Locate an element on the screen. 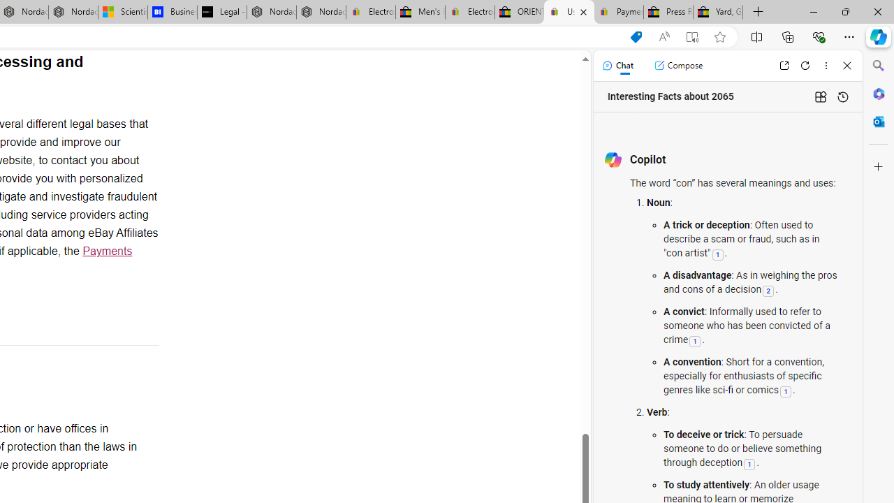 The image size is (894, 503). 'Enter Immersive Reader (F9)' is located at coordinates (692, 36).